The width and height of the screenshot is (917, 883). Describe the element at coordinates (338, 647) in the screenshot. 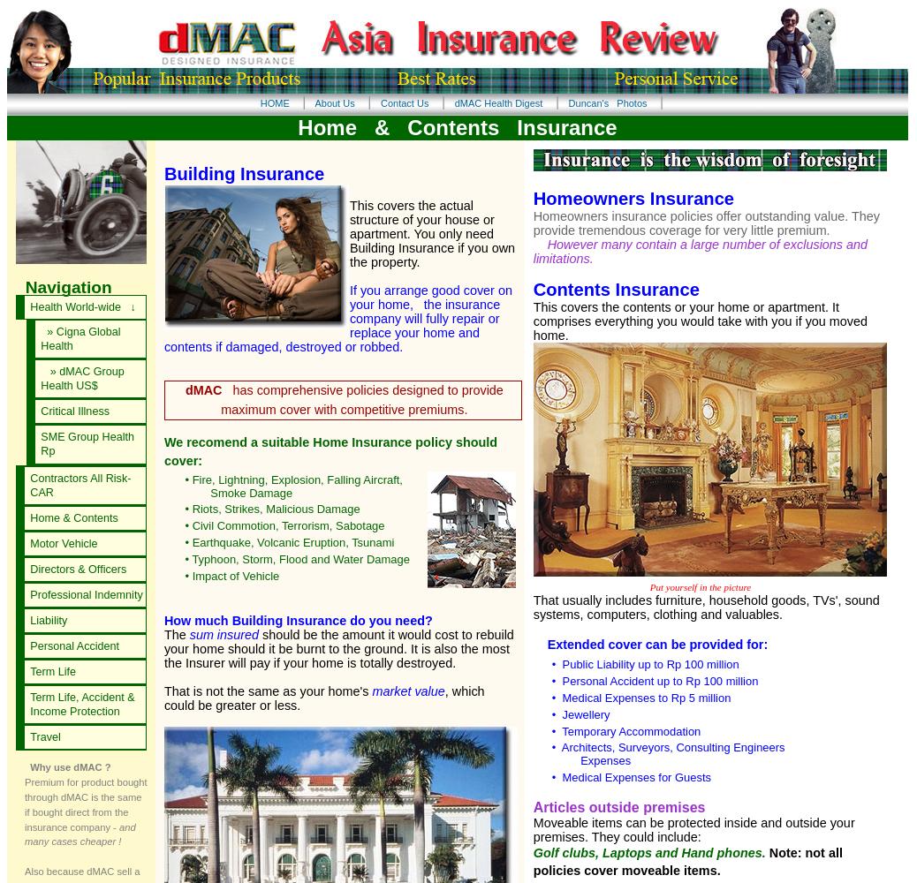

I see `'should be the amount it would cost to rebuild your home should it be burnt to the ground. It is also the most the Insurer will pay if your home is totally destroyed.'` at that location.